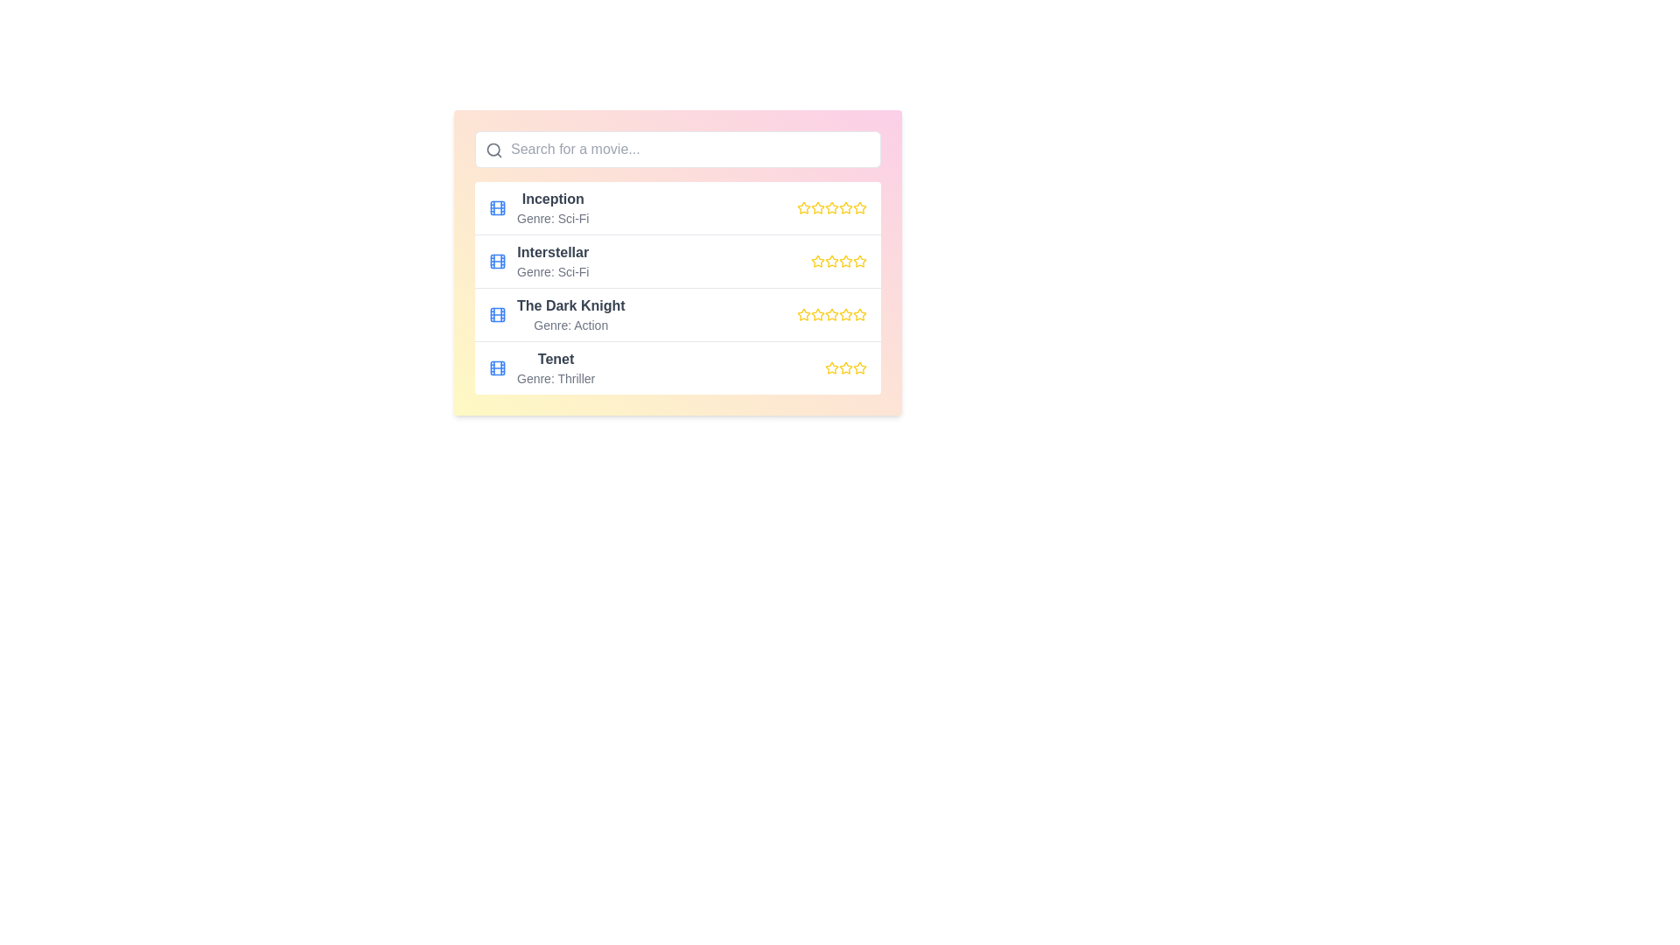  What do you see at coordinates (552, 218) in the screenshot?
I see `the genre information displayed below the 'Inception' title in the movie information list` at bounding box center [552, 218].